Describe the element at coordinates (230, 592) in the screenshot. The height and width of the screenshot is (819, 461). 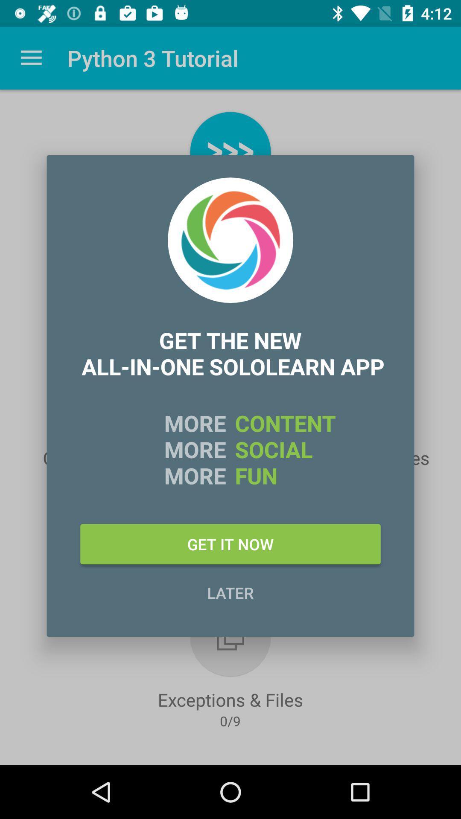
I see `icon below get it now` at that location.